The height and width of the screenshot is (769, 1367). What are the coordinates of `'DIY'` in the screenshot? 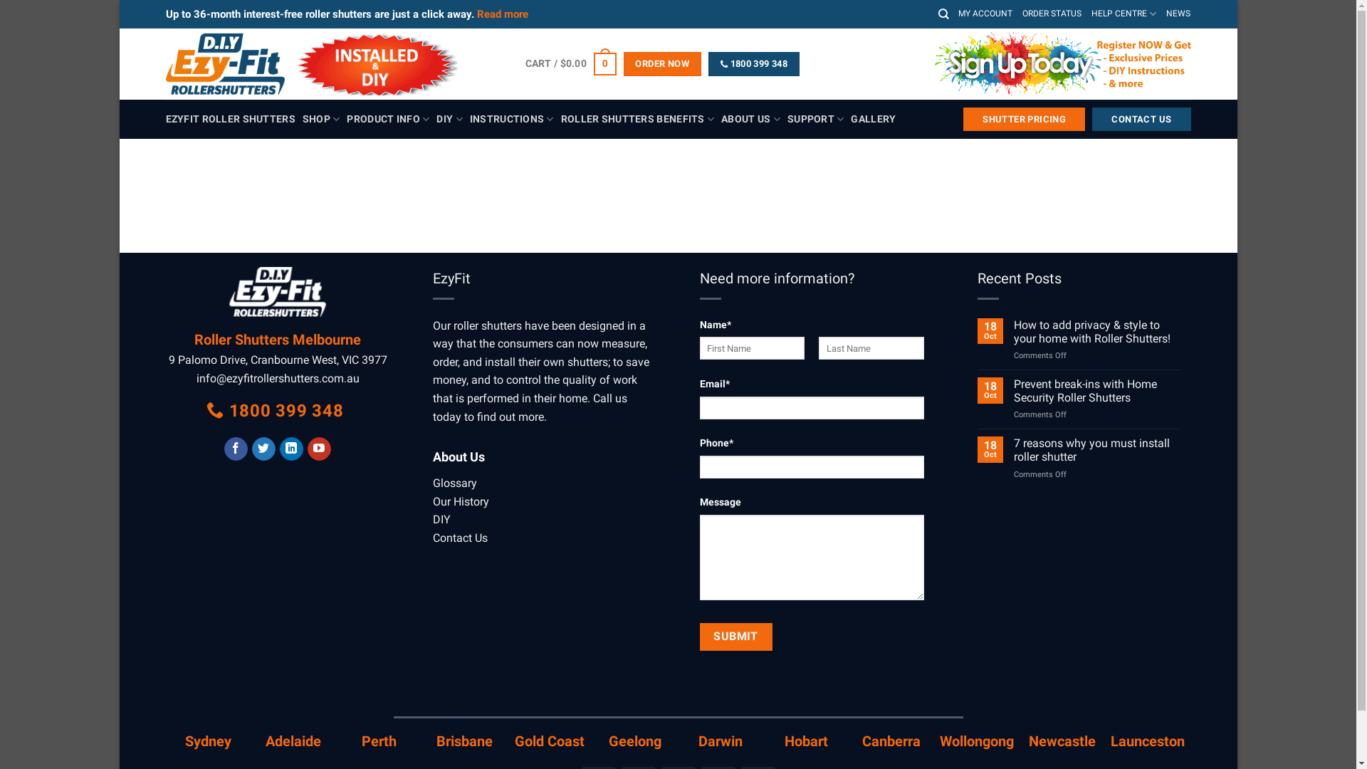 It's located at (432, 519).